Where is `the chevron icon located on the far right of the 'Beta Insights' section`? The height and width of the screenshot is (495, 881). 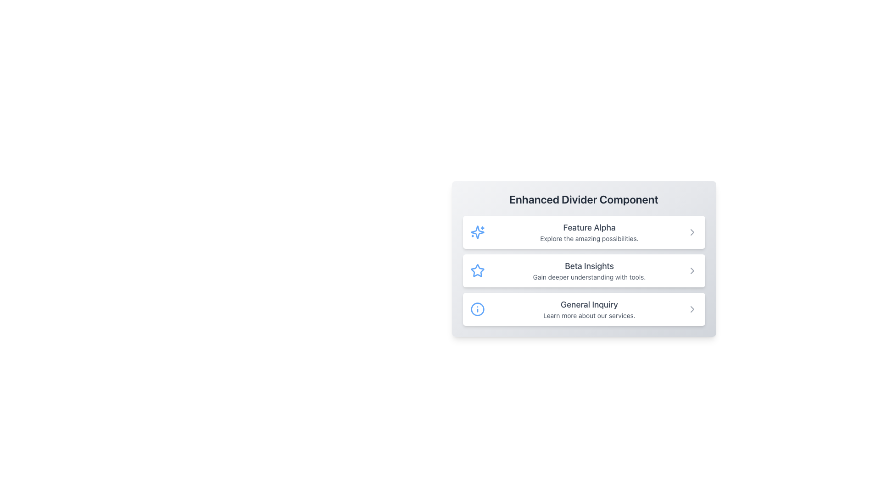 the chevron icon located on the far right of the 'Beta Insights' section is located at coordinates (692, 270).